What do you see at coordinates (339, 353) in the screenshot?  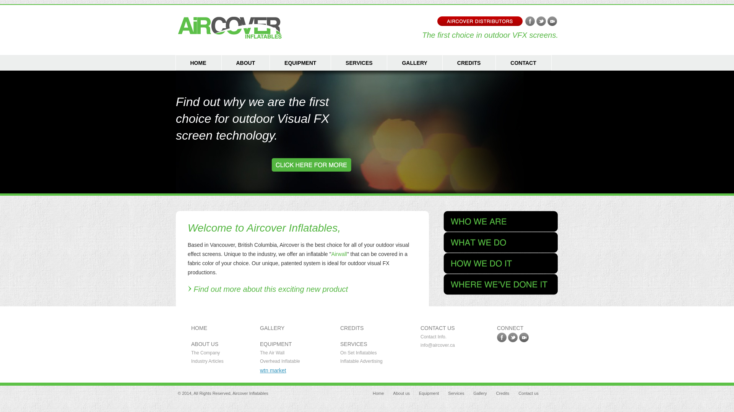 I see `'On Set Inflatables'` at bounding box center [339, 353].